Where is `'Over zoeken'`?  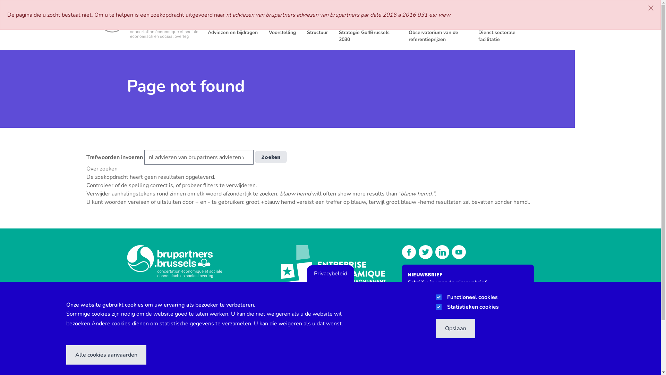 'Over zoeken' is located at coordinates (101, 169).